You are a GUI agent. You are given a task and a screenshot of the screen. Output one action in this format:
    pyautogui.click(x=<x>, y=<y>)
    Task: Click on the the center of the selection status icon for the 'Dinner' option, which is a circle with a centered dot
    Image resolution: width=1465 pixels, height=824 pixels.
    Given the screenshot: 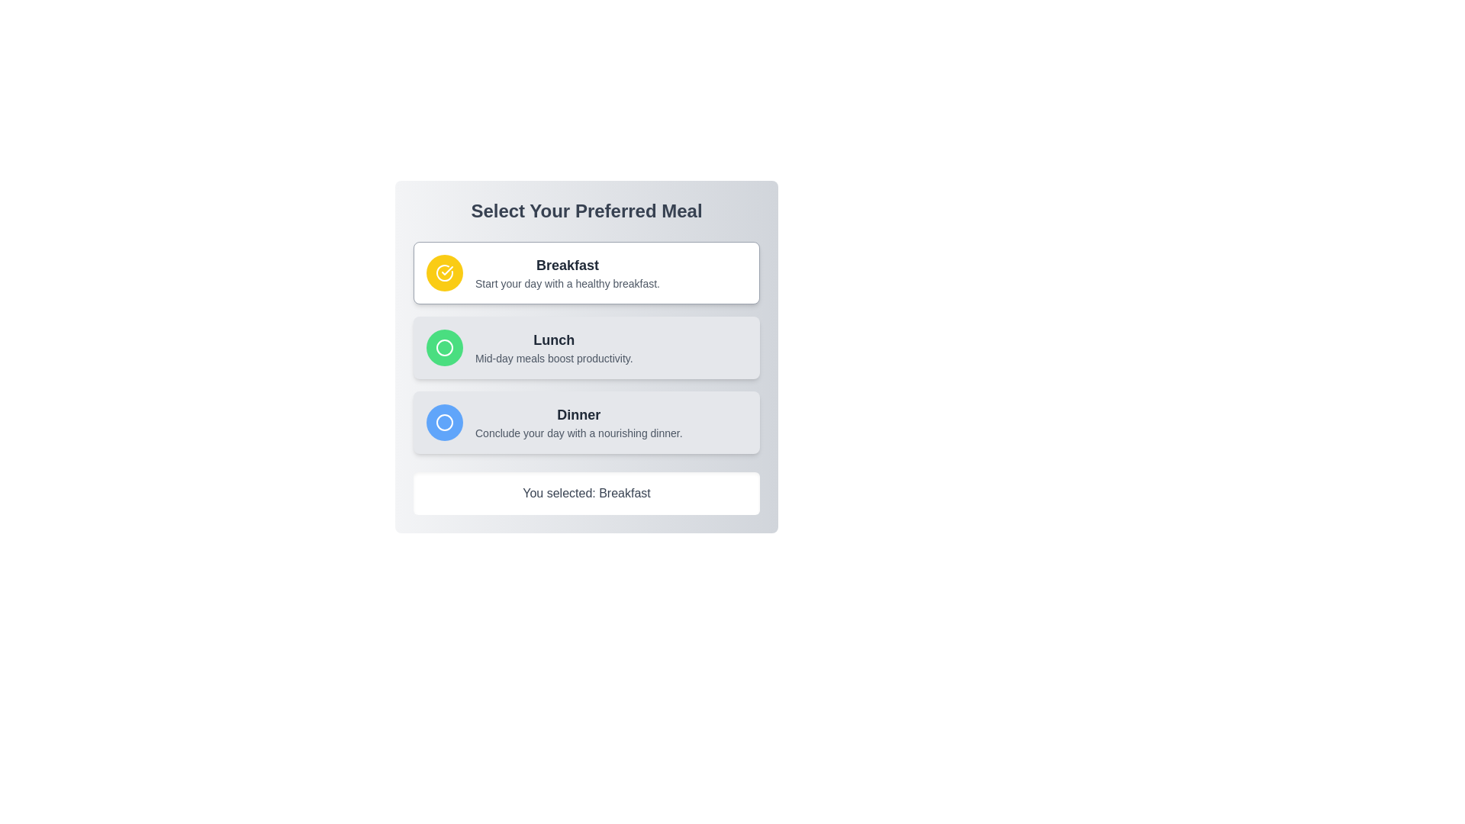 What is the action you would take?
    pyautogui.click(x=443, y=423)
    